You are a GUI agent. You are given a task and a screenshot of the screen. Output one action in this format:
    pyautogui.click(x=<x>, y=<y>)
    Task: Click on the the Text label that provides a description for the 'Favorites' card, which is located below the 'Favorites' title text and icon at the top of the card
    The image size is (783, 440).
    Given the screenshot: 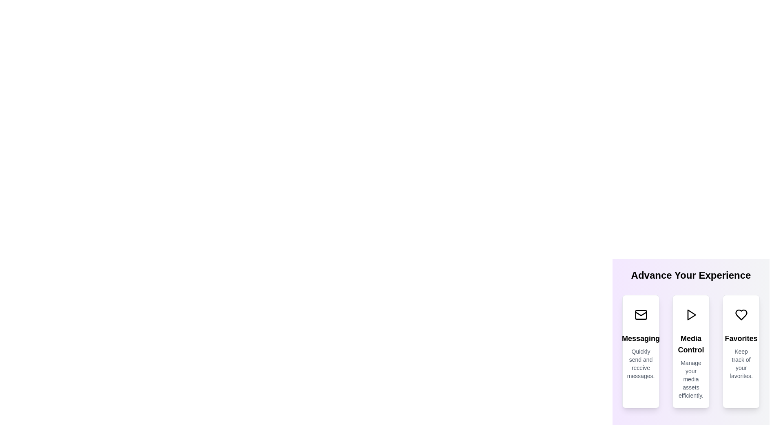 What is the action you would take?
    pyautogui.click(x=741, y=363)
    